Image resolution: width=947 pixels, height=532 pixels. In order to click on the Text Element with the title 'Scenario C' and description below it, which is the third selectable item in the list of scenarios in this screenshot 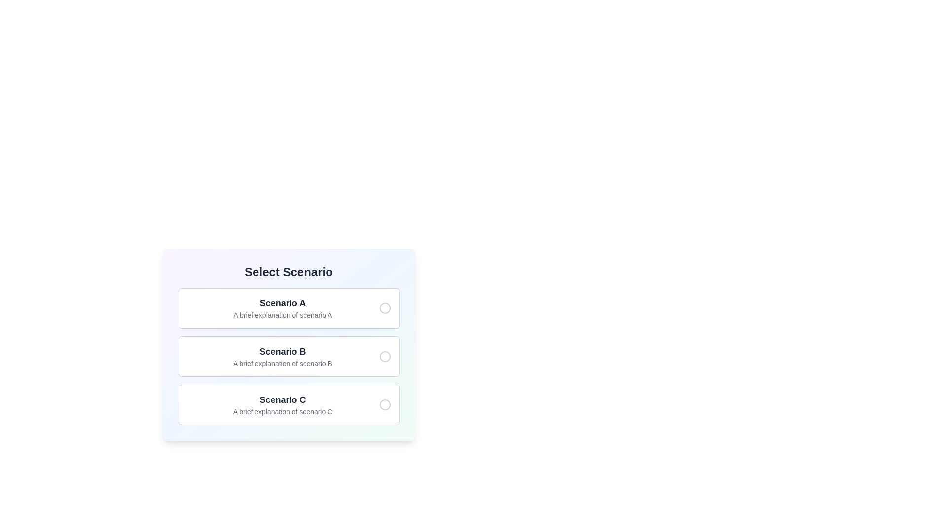, I will do `click(282, 404)`.